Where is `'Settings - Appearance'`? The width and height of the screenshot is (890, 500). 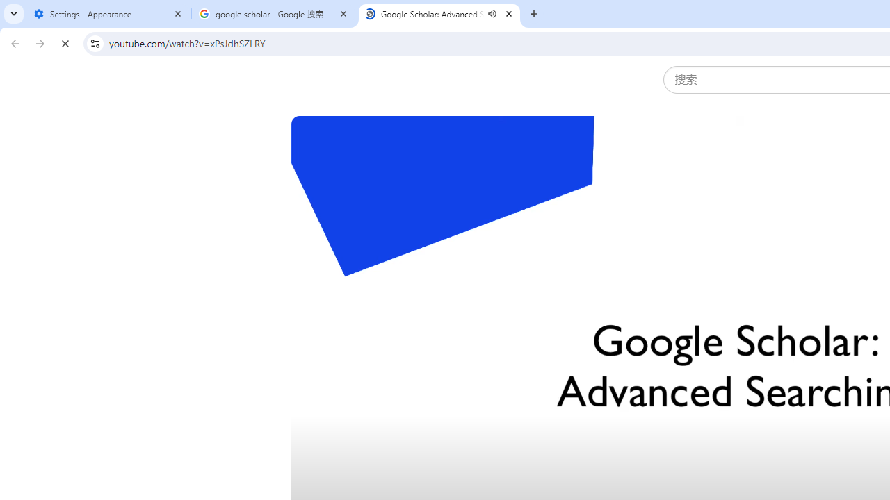
'Settings - Appearance' is located at coordinates (108, 14).